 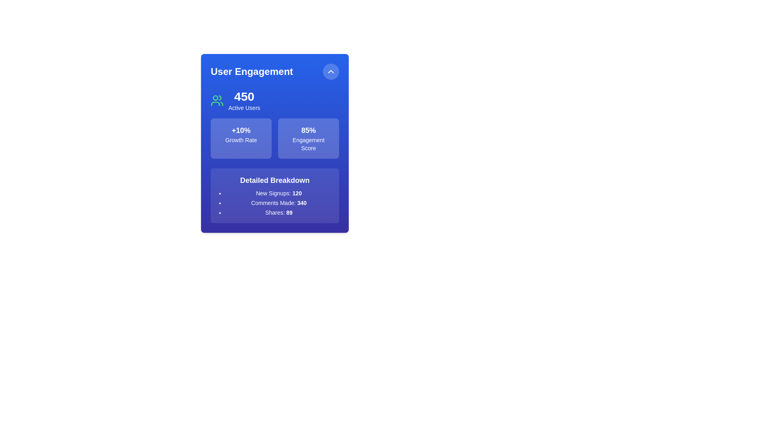 I want to click on the user icon visually representing '450 Active Users' which is located to the left of the text in the 'User Engagement' card, so click(x=217, y=100).